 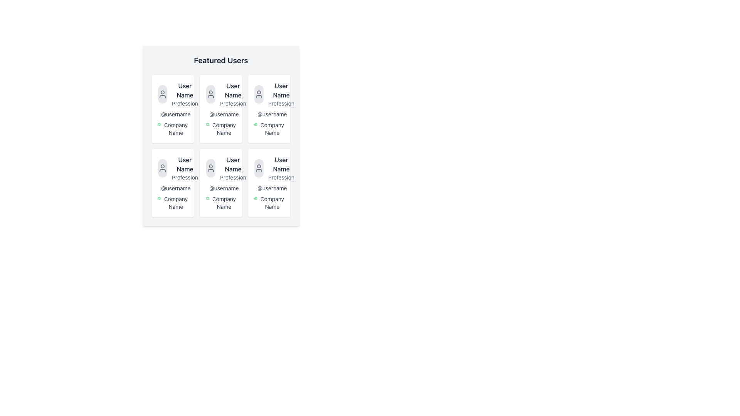 What do you see at coordinates (172, 94) in the screenshot?
I see `the Information display card labeled 'User Name' with a smaller text 'Profession' located in the top-left corner of the grid under 'Featured Users'` at bounding box center [172, 94].